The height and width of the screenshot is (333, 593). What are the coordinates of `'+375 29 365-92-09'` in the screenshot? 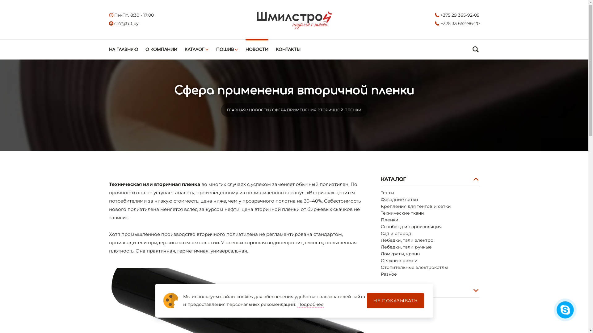 It's located at (457, 15).